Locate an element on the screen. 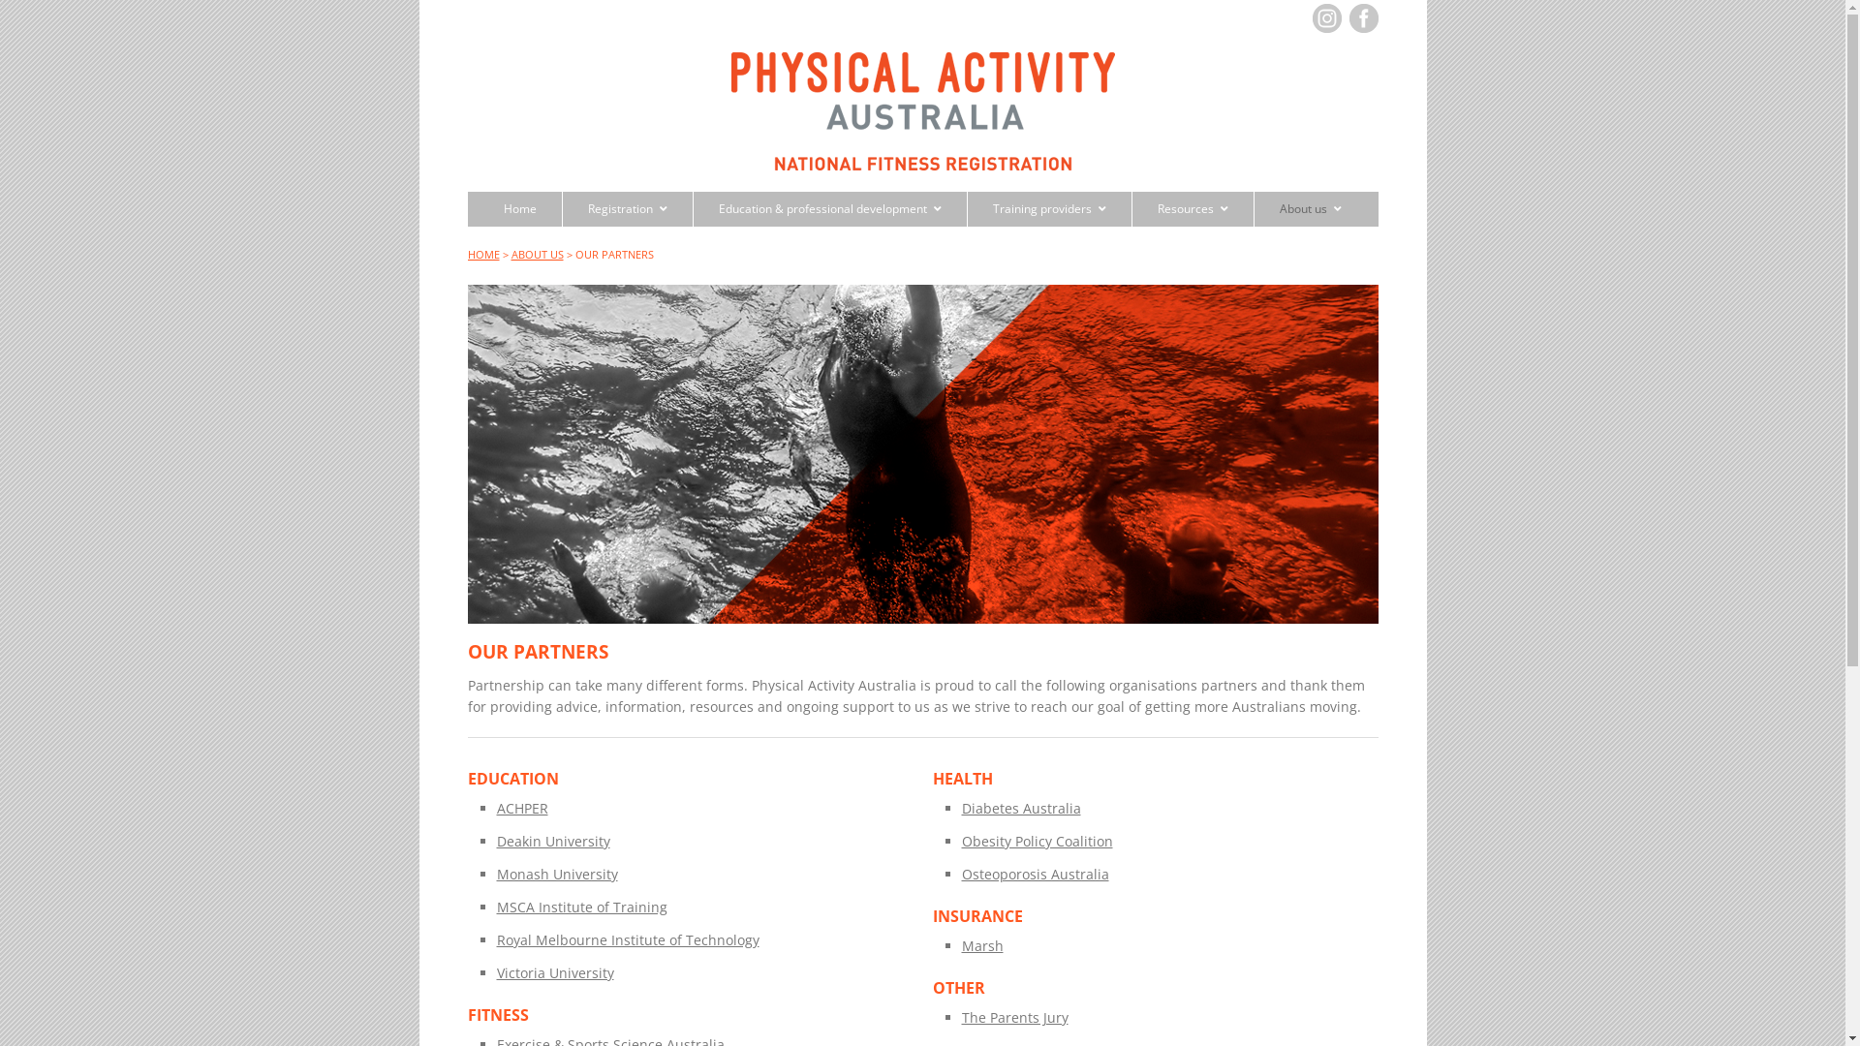 The width and height of the screenshot is (1860, 1046). 'ACHPER' is located at coordinates (521, 808).